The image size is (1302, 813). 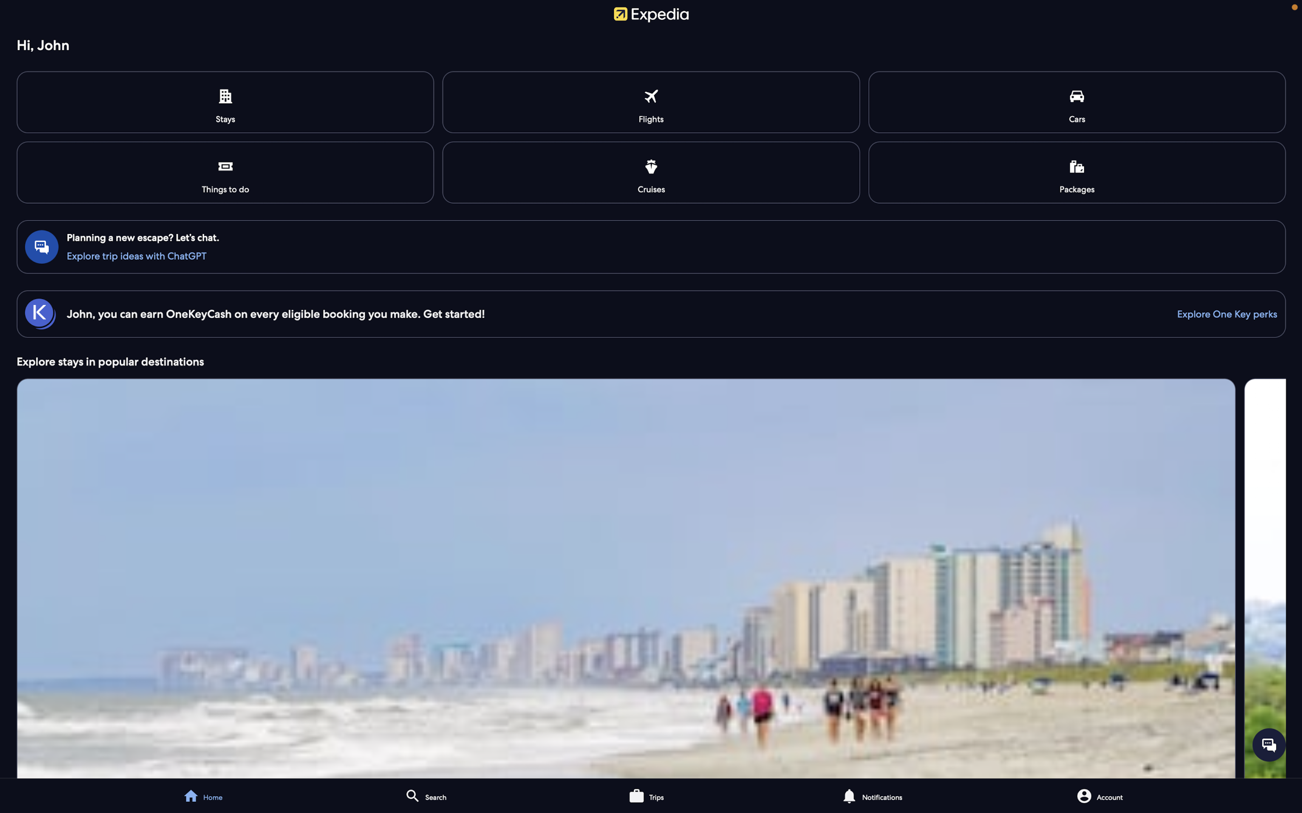 I want to click on Browse and reserve accessible cruise trips, so click(x=651, y=171).